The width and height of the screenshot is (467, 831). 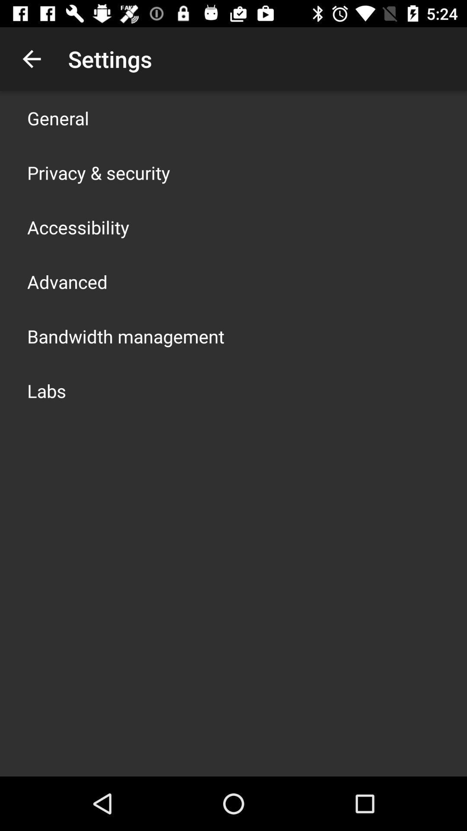 What do you see at coordinates (67, 282) in the screenshot?
I see `advanced app` at bounding box center [67, 282].